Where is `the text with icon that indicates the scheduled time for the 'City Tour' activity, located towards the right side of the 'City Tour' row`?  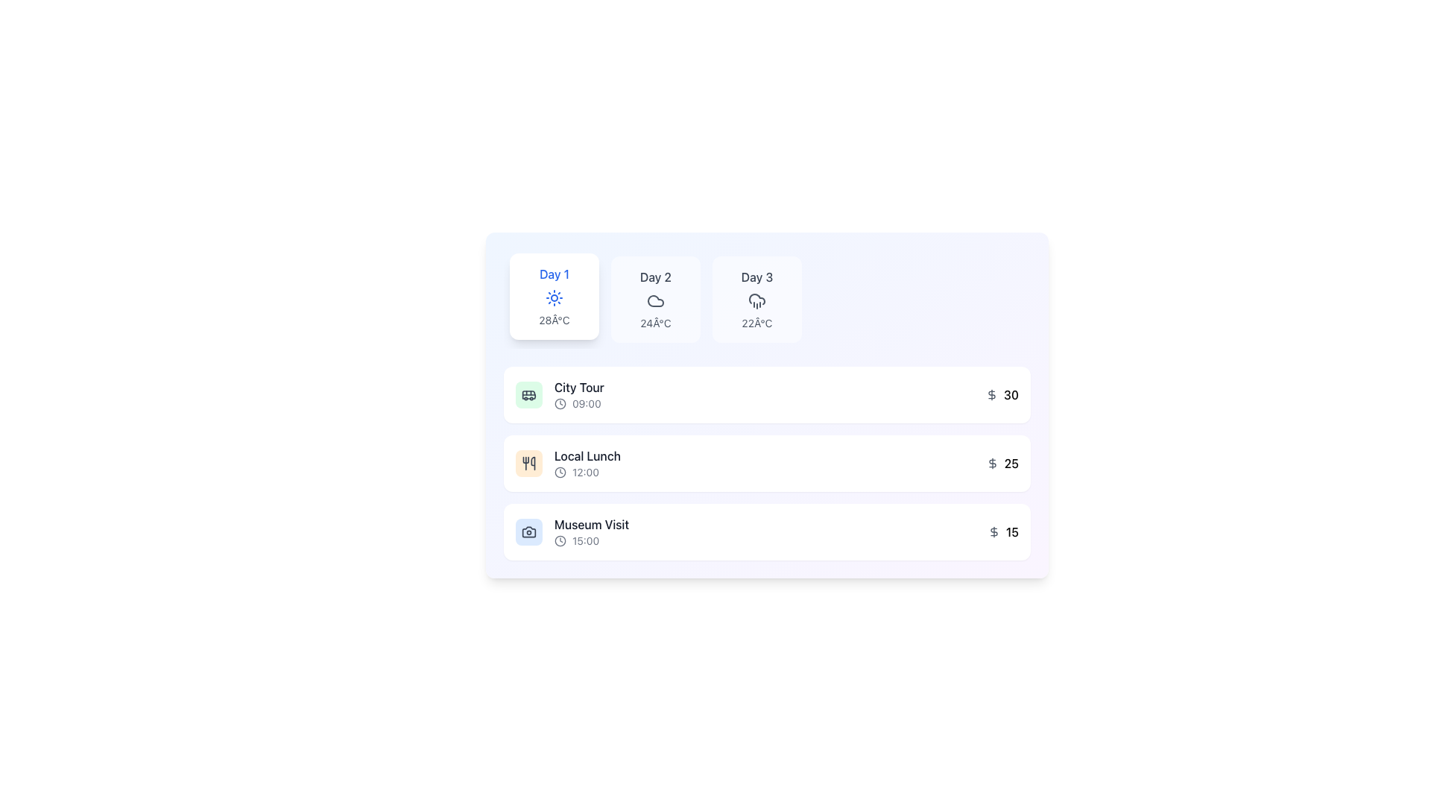
the text with icon that indicates the scheduled time for the 'City Tour' activity, located towards the right side of the 'City Tour' row is located at coordinates (578, 404).